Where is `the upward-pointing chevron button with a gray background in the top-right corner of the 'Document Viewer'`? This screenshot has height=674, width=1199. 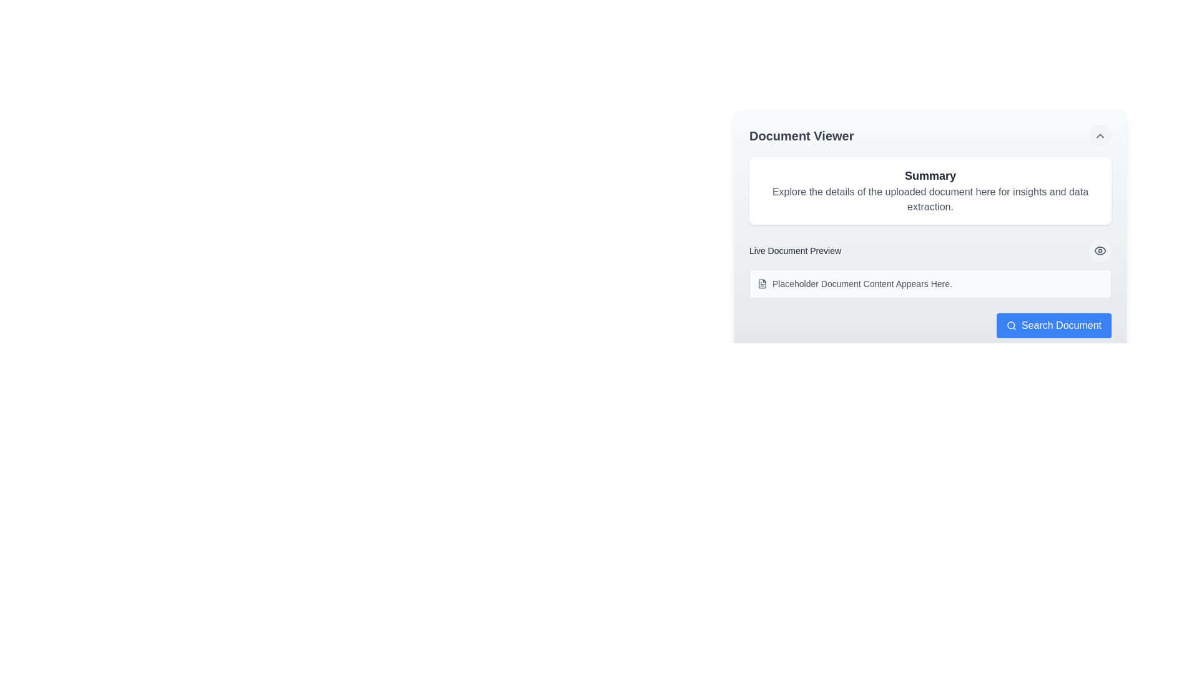
the upward-pointing chevron button with a gray background in the top-right corner of the 'Document Viewer' is located at coordinates (1100, 136).